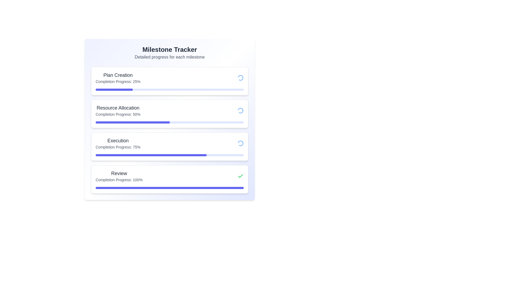 This screenshot has height=290, width=516. I want to click on the 'Milestone Tracker' text label, which is prominently displayed at the top of the content area in bold and extra-large font style, so click(169, 50).